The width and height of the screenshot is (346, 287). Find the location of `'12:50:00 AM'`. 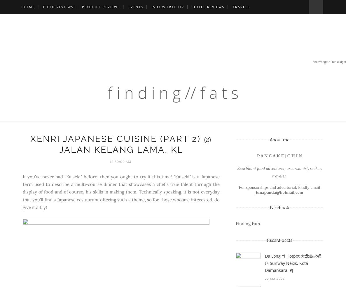

'12:50:00 AM' is located at coordinates (109, 161).